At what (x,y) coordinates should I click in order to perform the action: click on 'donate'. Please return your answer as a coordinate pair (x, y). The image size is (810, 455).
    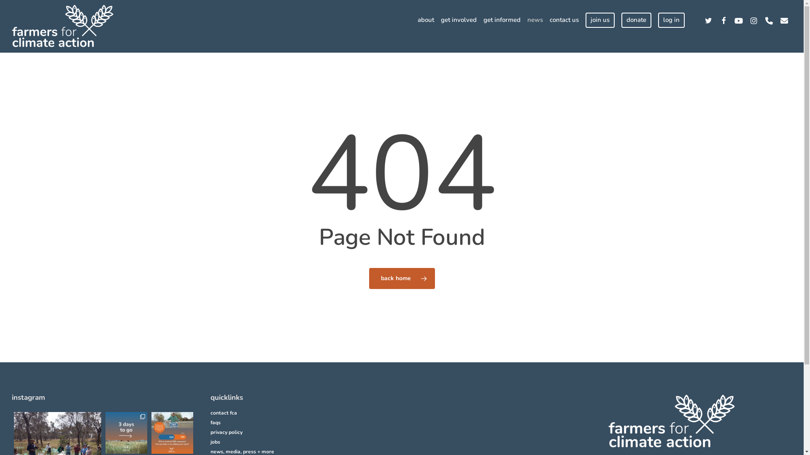
    Looking at the image, I should click on (621, 19).